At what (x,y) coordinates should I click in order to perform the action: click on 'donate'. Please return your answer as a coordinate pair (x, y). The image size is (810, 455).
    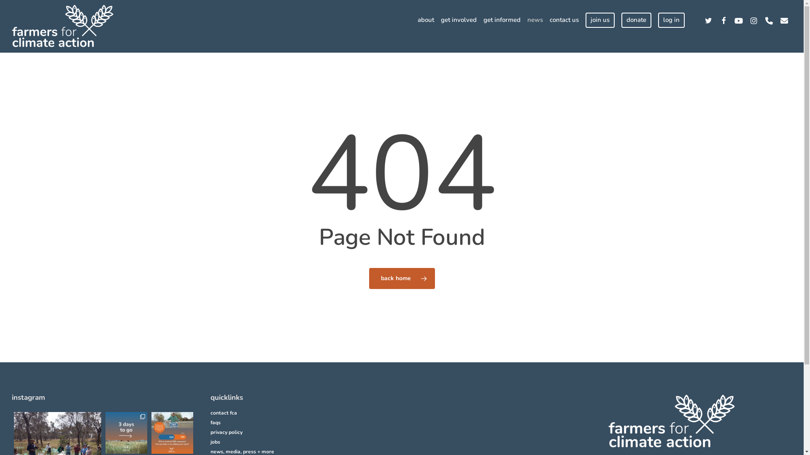
    Looking at the image, I should click on (621, 19).